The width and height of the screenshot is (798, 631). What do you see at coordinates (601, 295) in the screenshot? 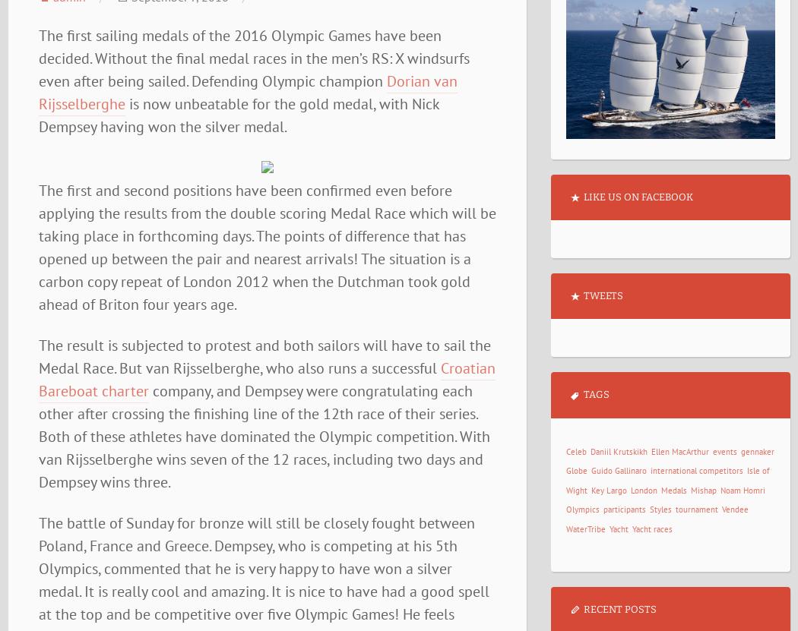
I see `'Tweets'` at bounding box center [601, 295].